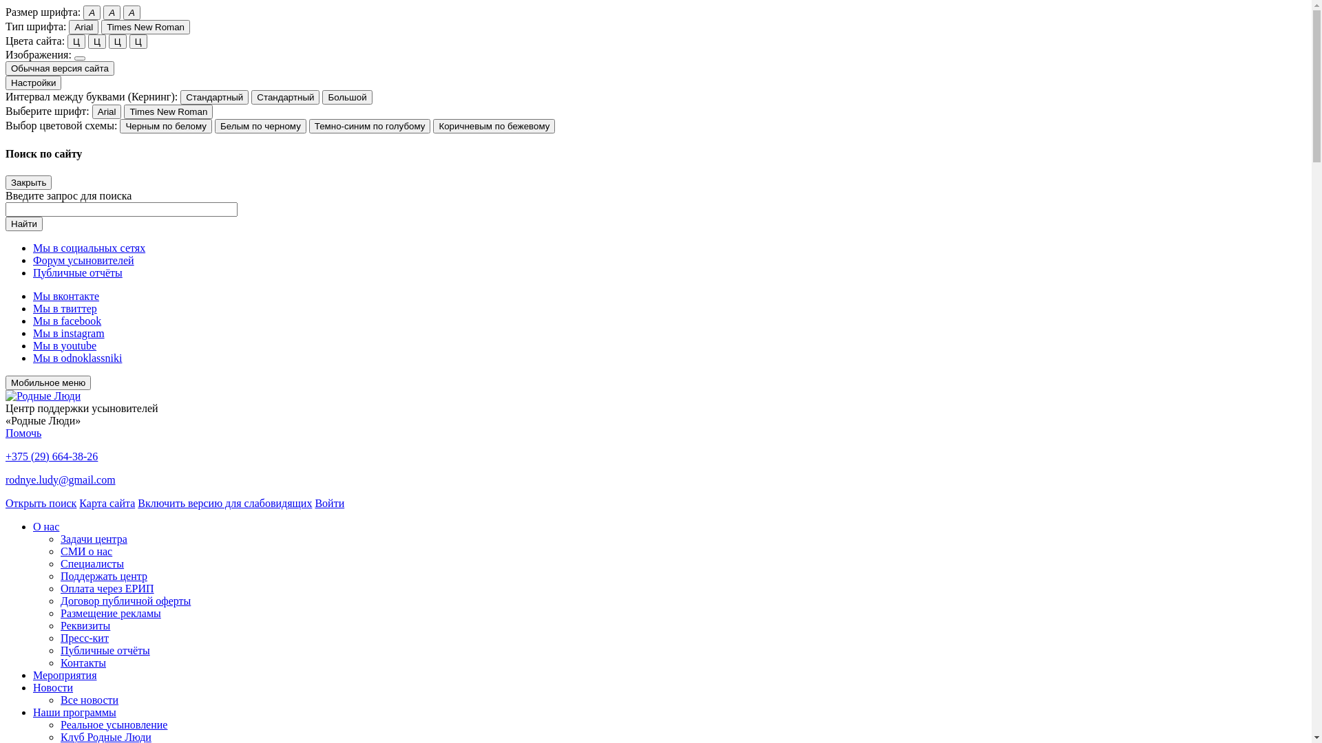 Image resolution: width=1322 pixels, height=743 pixels. I want to click on 'Times New Roman', so click(167, 111).